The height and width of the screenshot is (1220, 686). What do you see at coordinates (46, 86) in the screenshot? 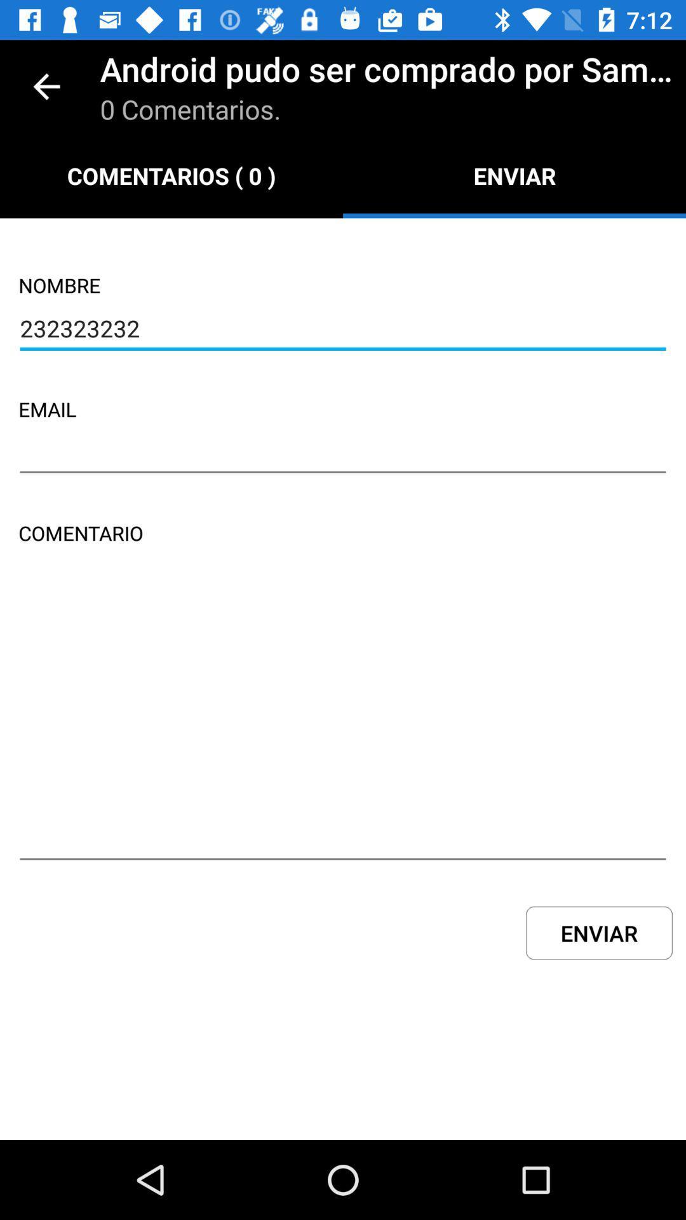
I see `the icon next to the android pudo ser` at bounding box center [46, 86].